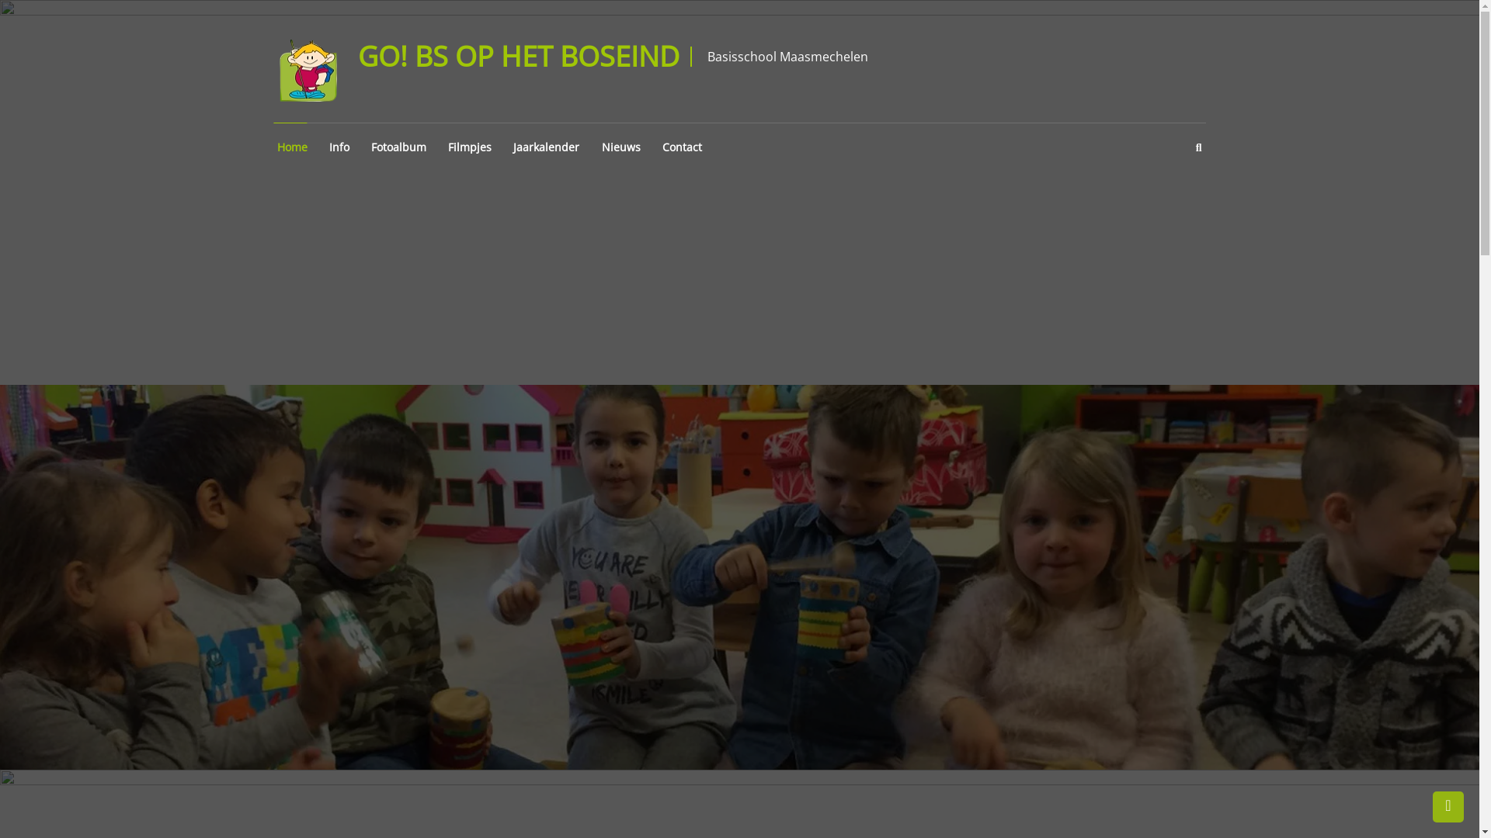  Describe the element at coordinates (845, 437) in the screenshot. I see `'Search'` at that location.